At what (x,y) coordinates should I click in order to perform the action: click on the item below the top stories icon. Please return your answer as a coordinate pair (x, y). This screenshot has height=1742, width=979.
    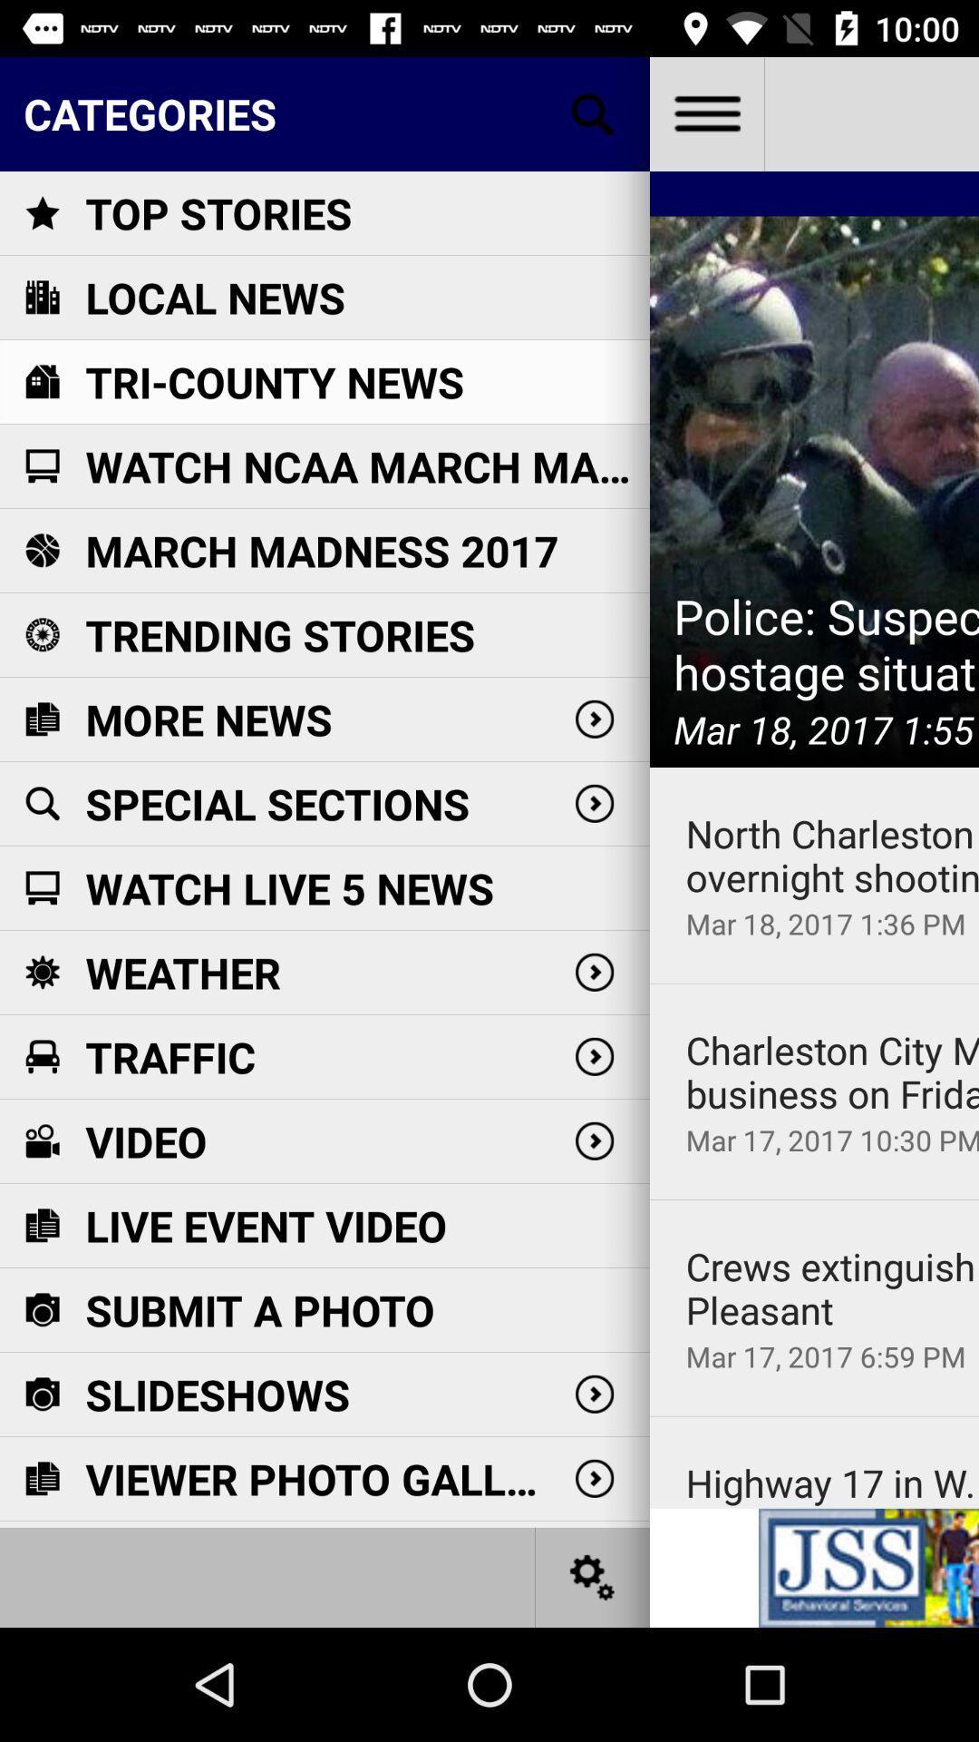
    Looking at the image, I should click on (214, 298).